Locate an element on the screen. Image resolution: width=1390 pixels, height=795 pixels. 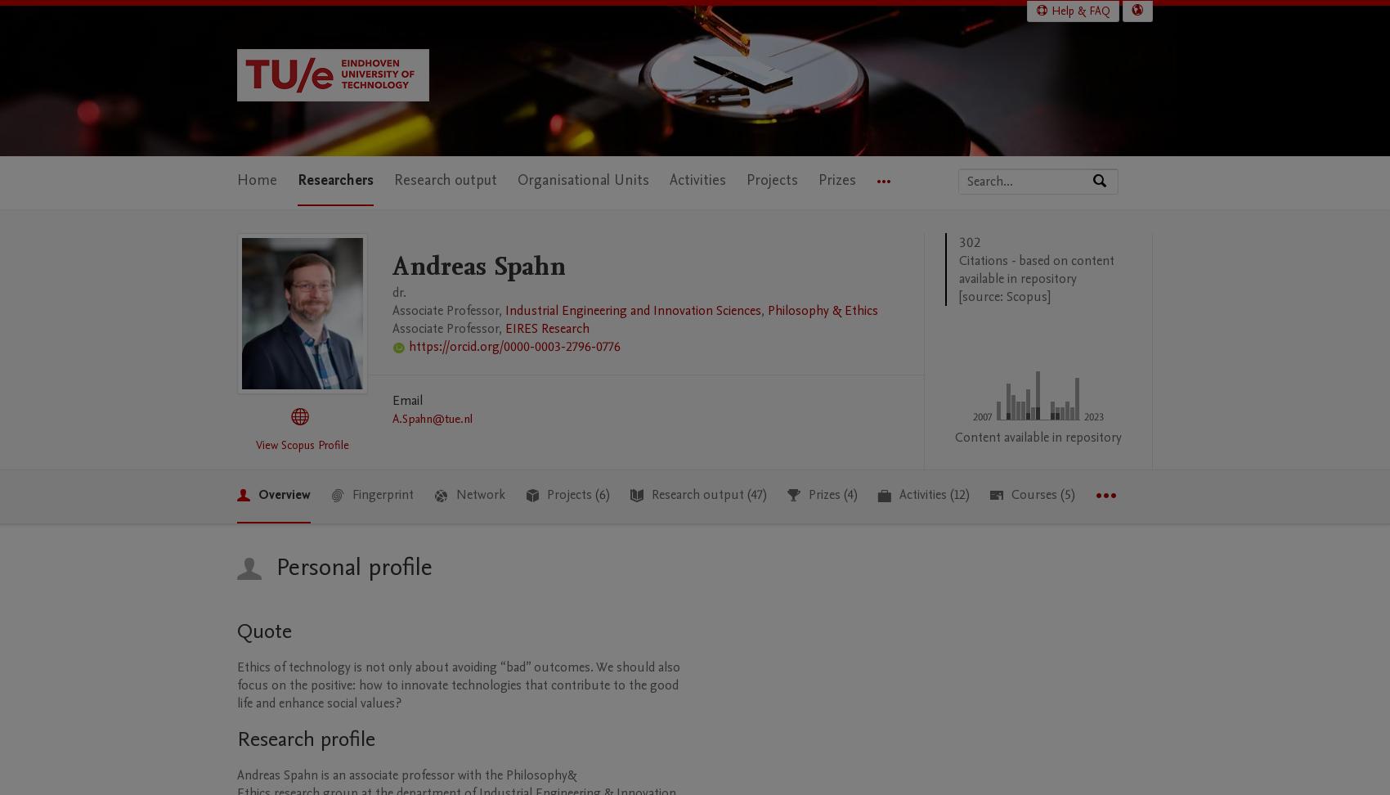
'Quote' is located at coordinates (263, 630).